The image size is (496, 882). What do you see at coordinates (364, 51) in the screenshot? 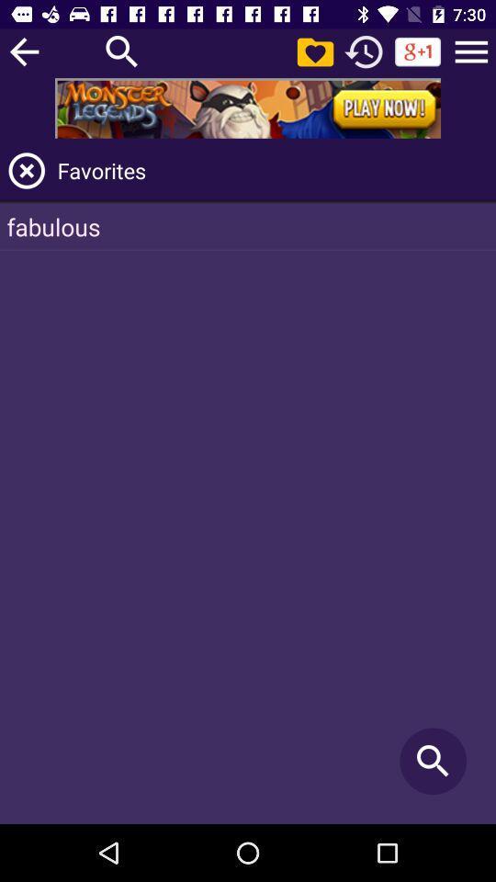
I see `the history icon` at bounding box center [364, 51].